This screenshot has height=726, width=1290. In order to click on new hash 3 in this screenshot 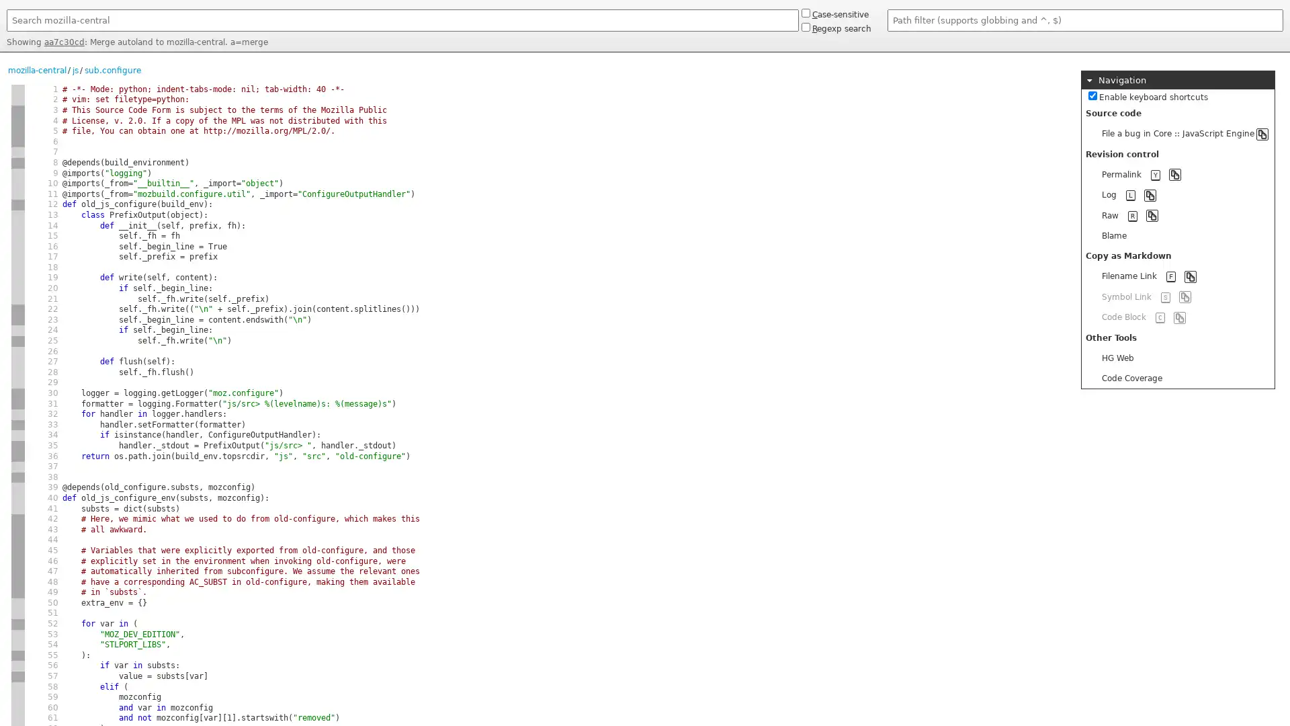, I will do `click(18, 635)`.